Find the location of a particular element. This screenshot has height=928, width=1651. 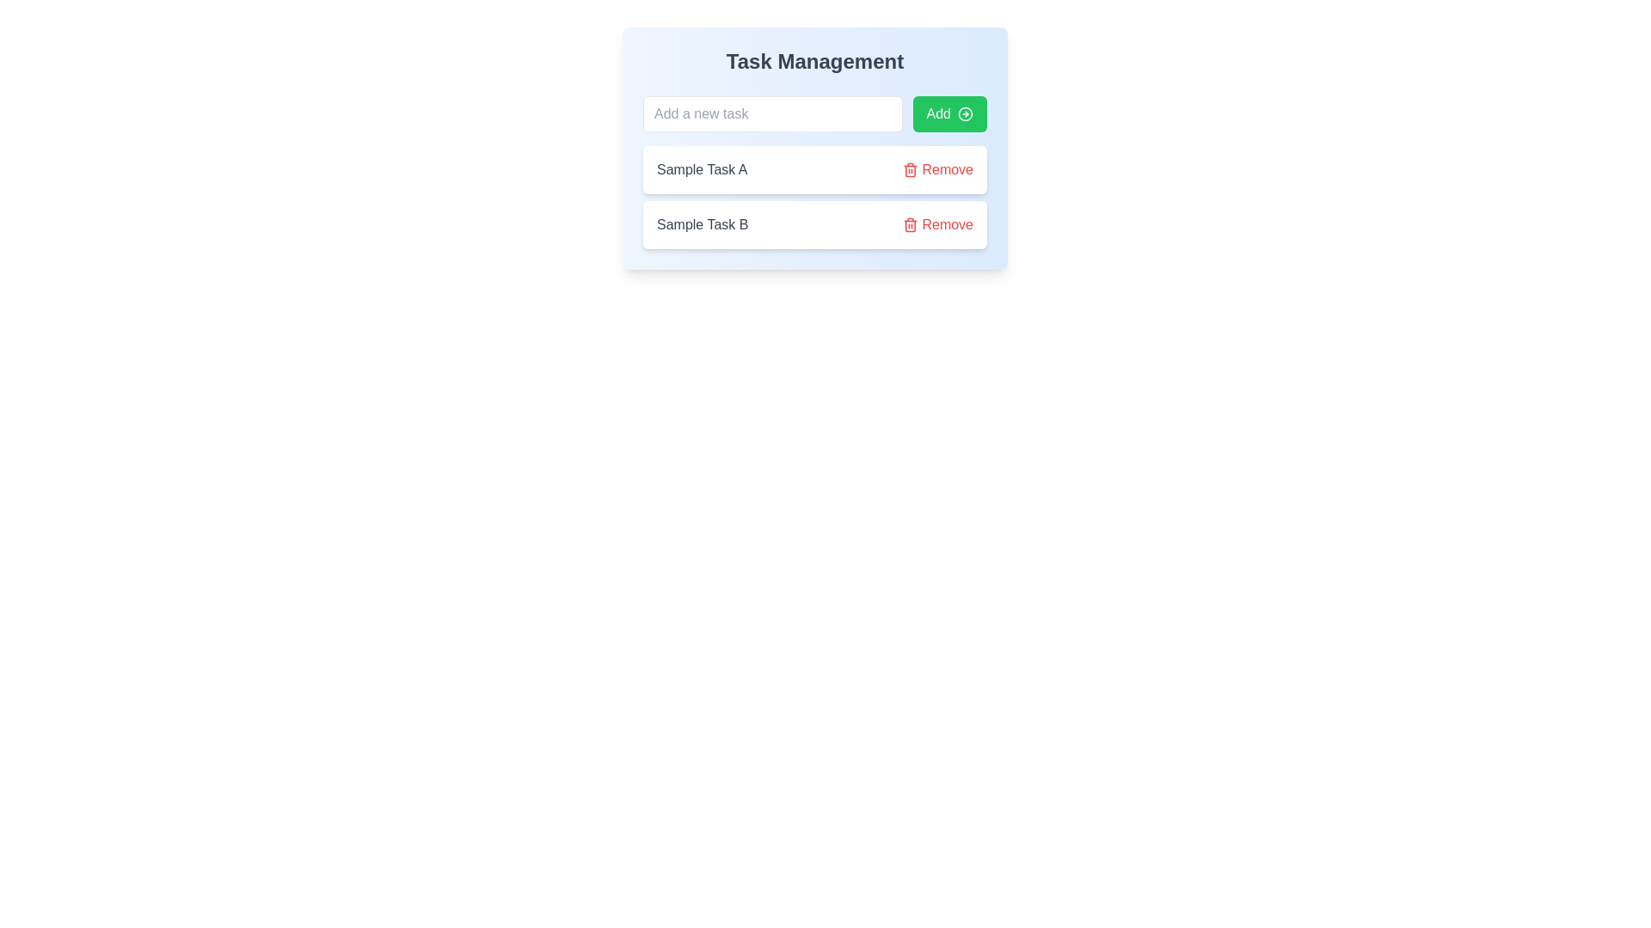

the button labeled for task-adding action located in the card section titled 'Task Management' for keyboard interaction is located at coordinates (937, 113).